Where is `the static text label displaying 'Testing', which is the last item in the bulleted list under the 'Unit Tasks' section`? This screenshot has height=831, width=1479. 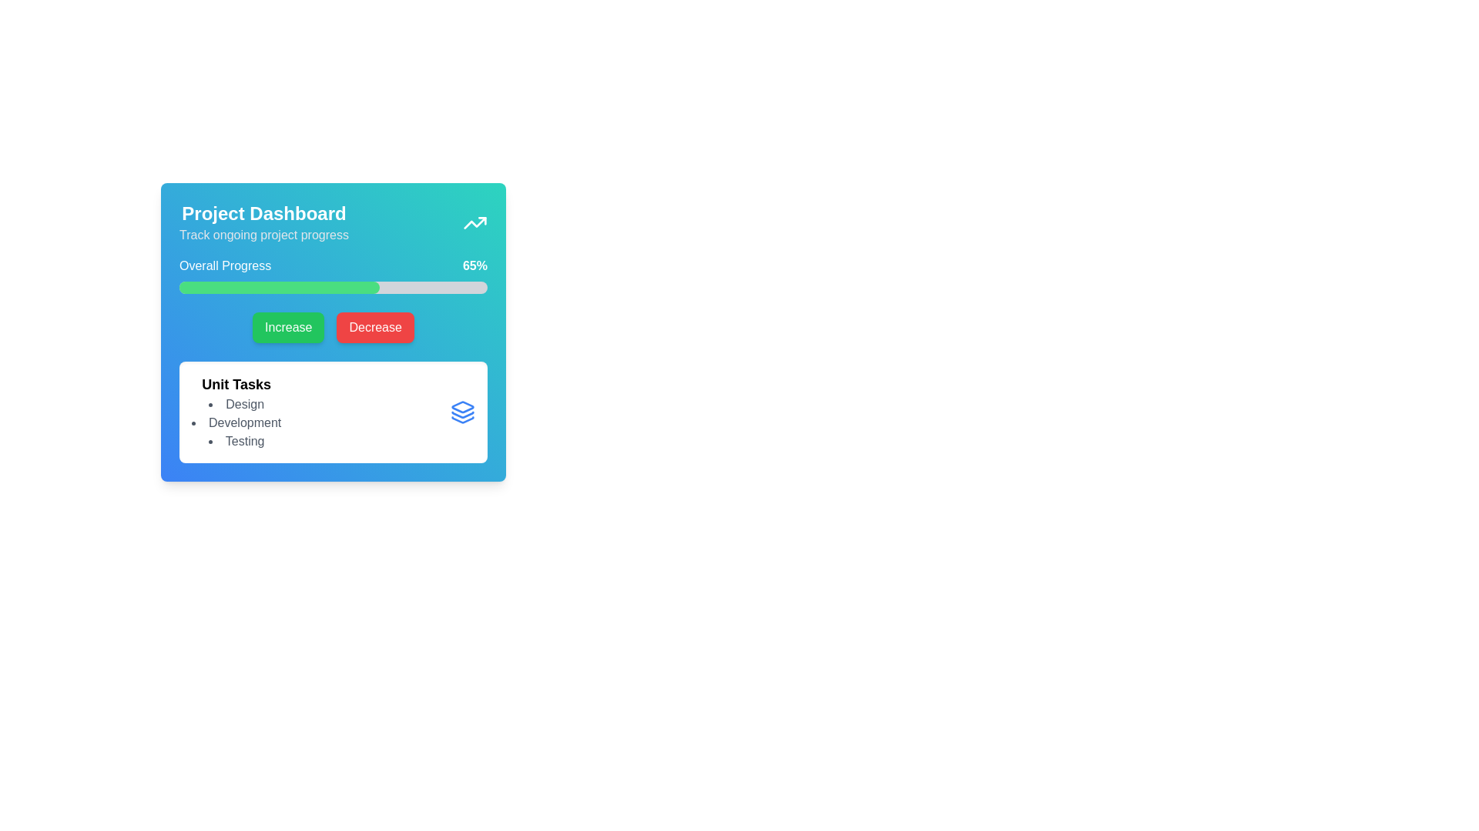
the static text label displaying 'Testing', which is the last item in the bulleted list under the 'Unit Tasks' section is located at coordinates (236, 442).